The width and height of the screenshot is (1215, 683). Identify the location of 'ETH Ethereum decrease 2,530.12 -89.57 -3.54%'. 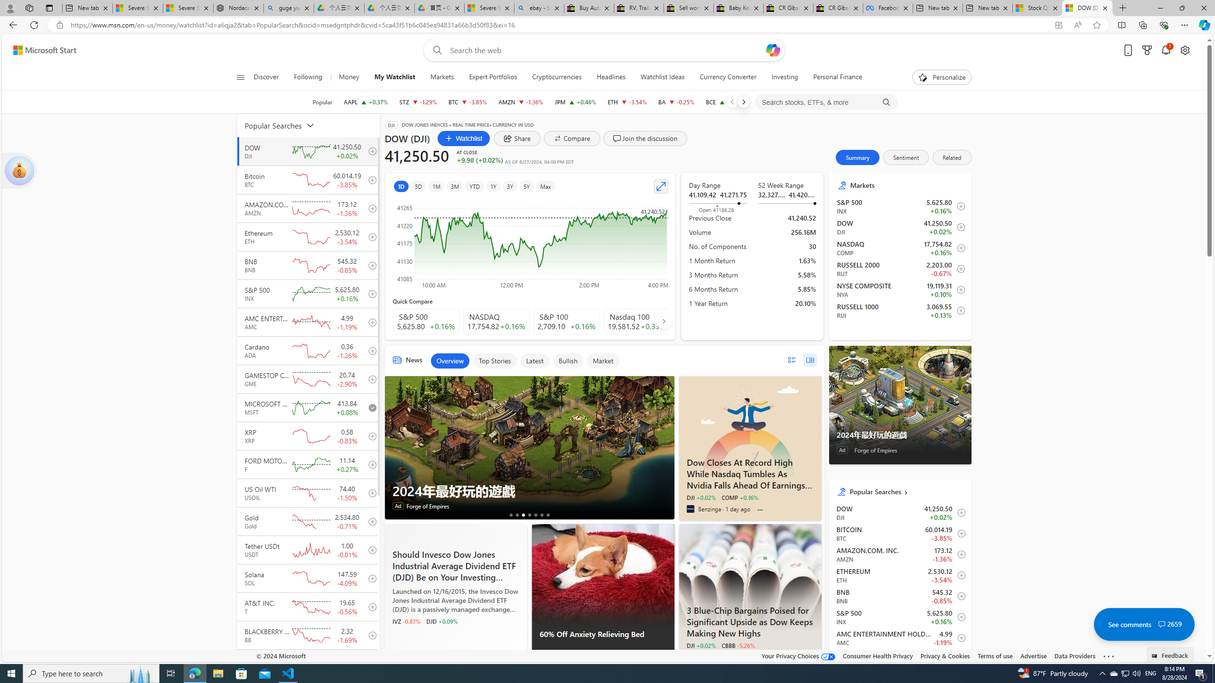
(627, 102).